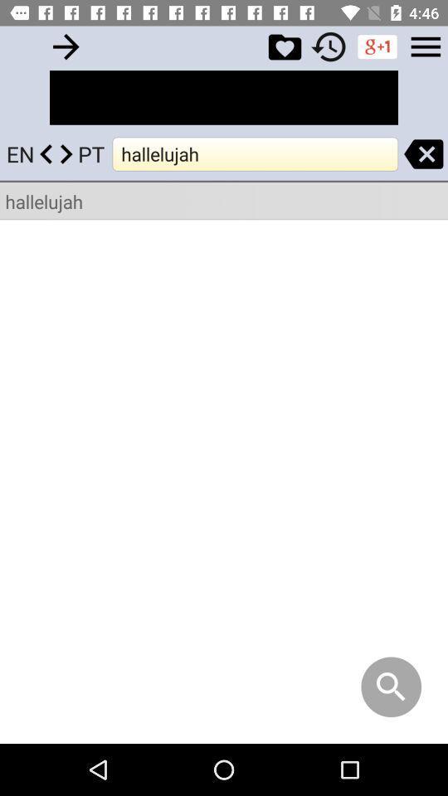 The height and width of the screenshot is (796, 448). What do you see at coordinates (329, 46) in the screenshot?
I see `the history icon` at bounding box center [329, 46].